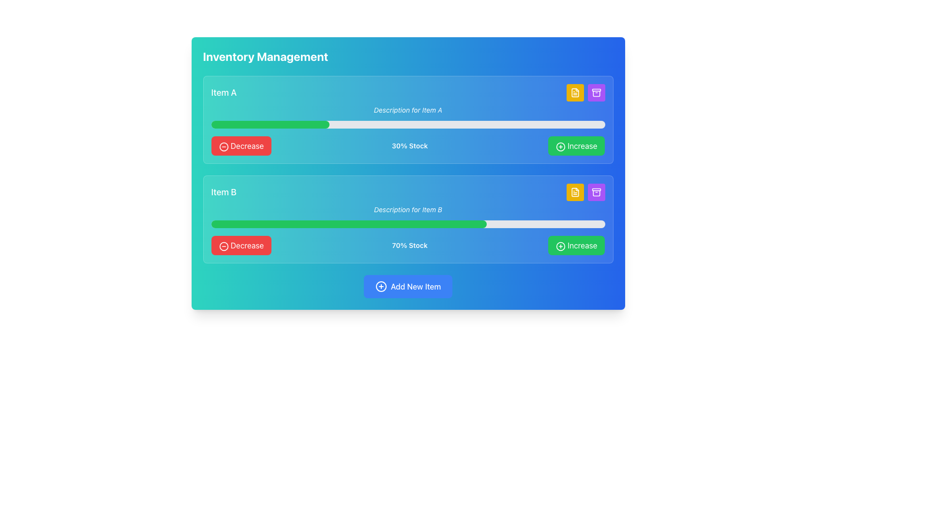 This screenshot has width=929, height=522. What do you see at coordinates (352, 124) in the screenshot?
I see `the stock level` at bounding box center [352, 124].